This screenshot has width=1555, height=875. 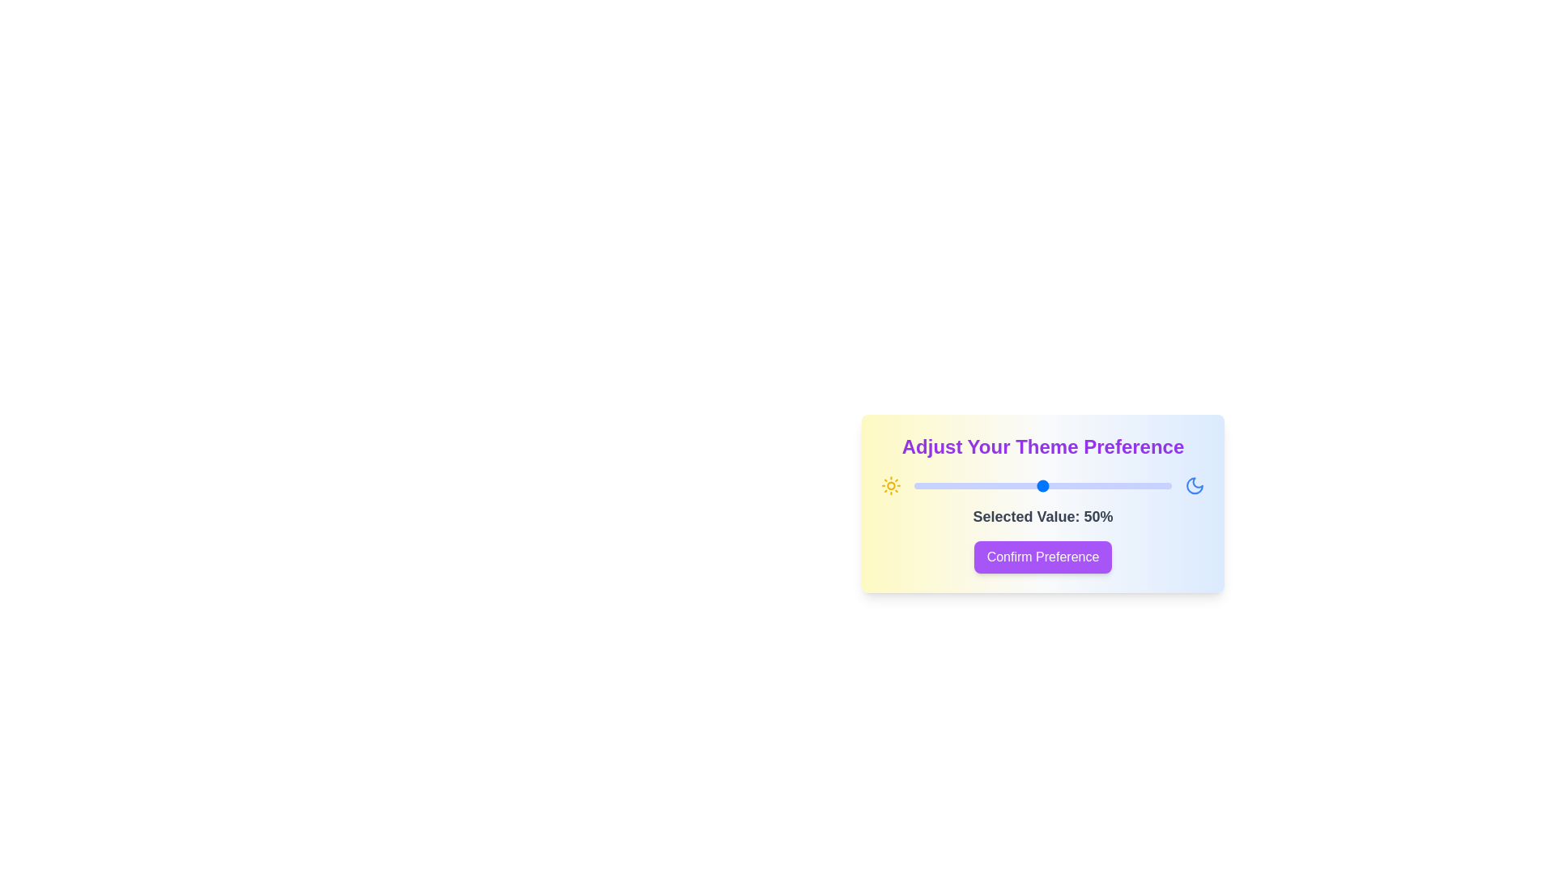 What do you see at coordinates (991, 485) in the screenshot?
I see `the theme slider` at bounding box center [991, 485].